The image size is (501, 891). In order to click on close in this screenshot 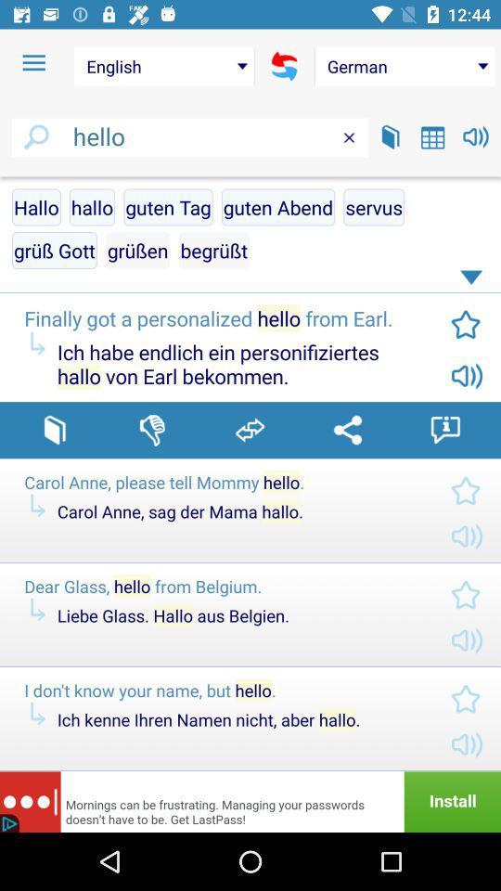, I will do `click(349, 136)`.